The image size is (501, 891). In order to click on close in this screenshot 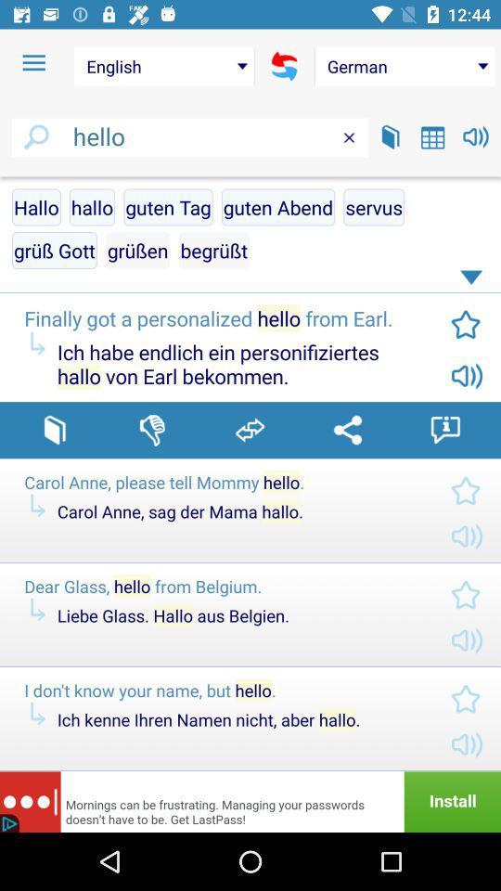, I will do `click(349, 136)`.